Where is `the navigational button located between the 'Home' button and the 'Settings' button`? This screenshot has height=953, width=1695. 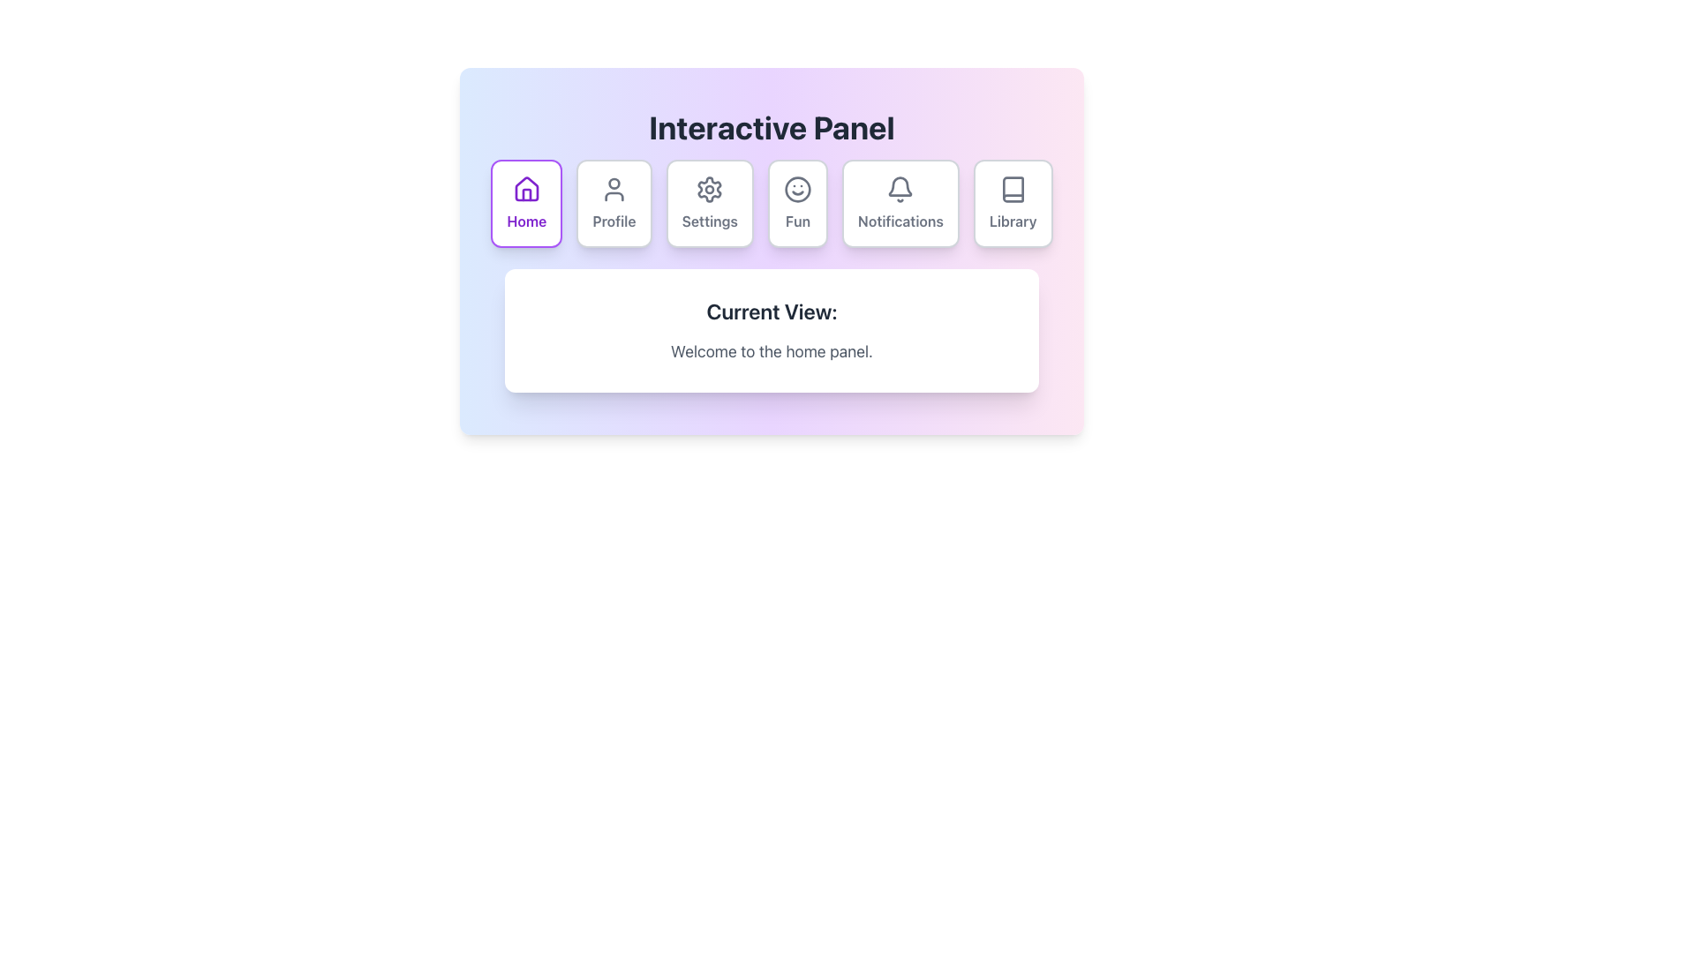 the navigational button located between the 'Home' button and the 'Settings' button is located at coordinates (614, 203).